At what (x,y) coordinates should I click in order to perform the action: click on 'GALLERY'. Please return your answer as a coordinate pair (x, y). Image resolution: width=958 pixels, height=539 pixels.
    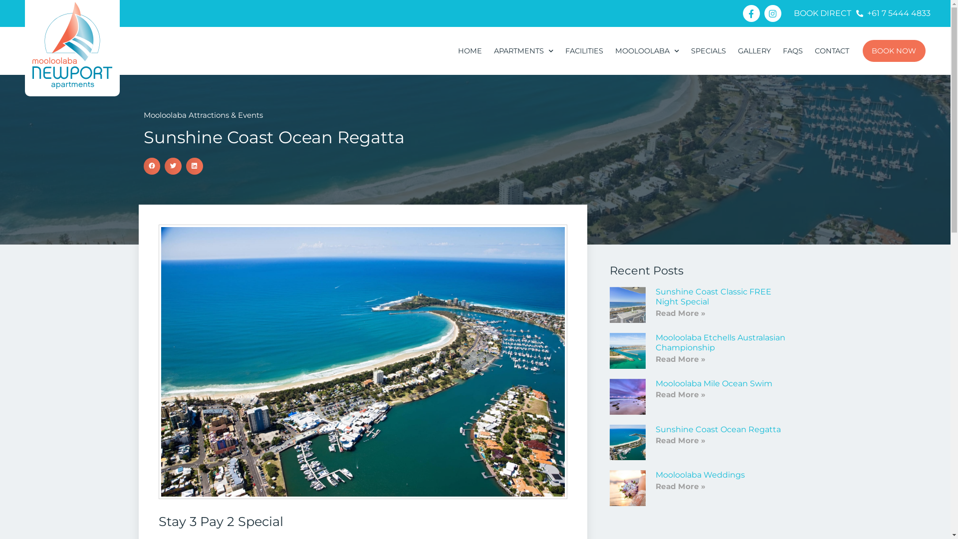
    Looking at the image, I should click on (754, 50).